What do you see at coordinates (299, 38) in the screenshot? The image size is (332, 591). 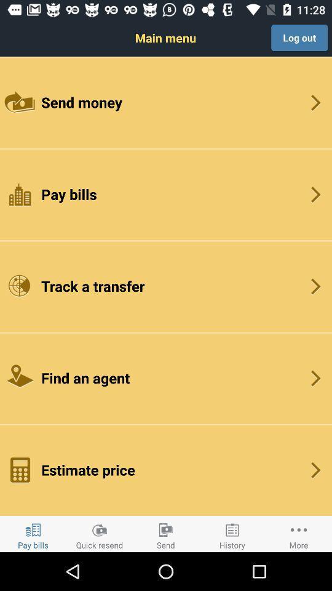 I see `log out` at bounding box center [299, 38].